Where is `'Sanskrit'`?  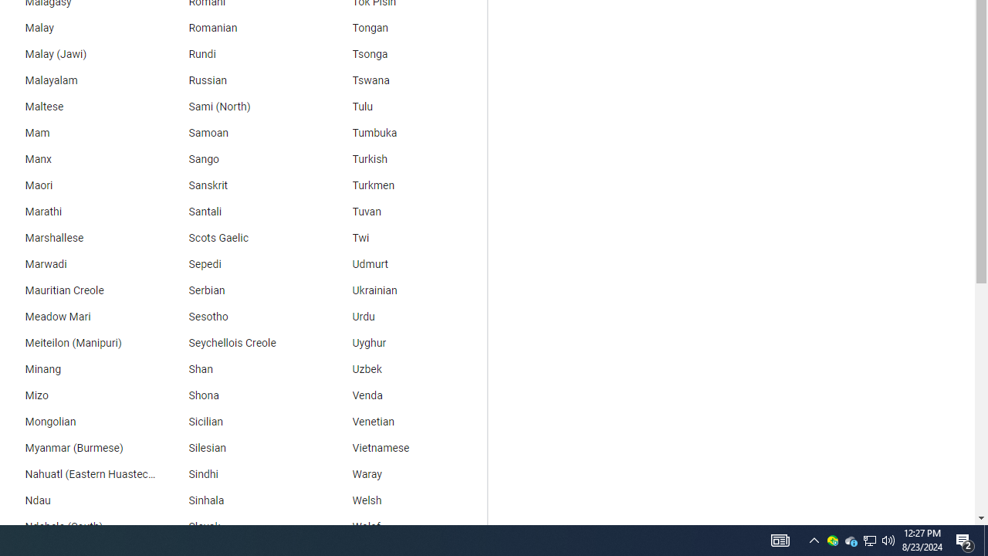 'Sanskrit' is located at coordinates (240, 185).